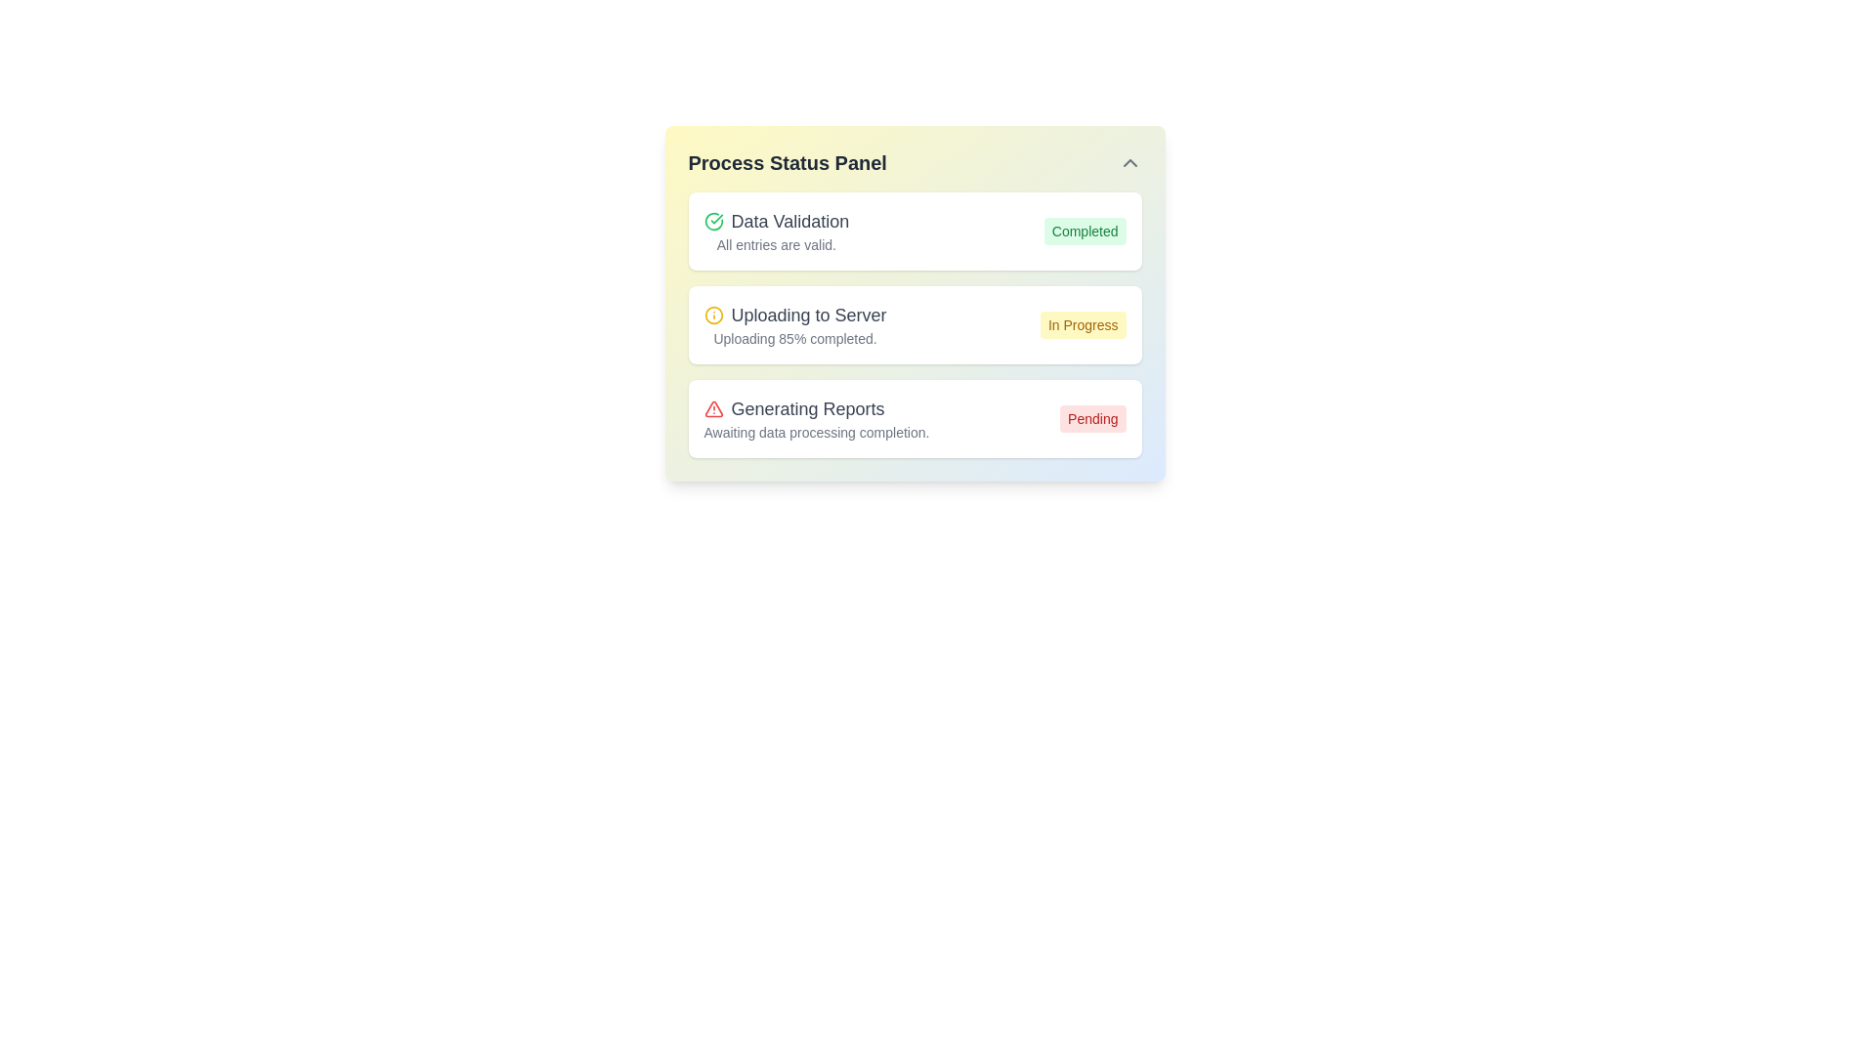 The height and width of the screenshot is (1055, 1876). I want to click on the graphical representation of the circular icon indicating the 'Uploading to Server' task, located in the second row of the process status panel, so click(712, 315).